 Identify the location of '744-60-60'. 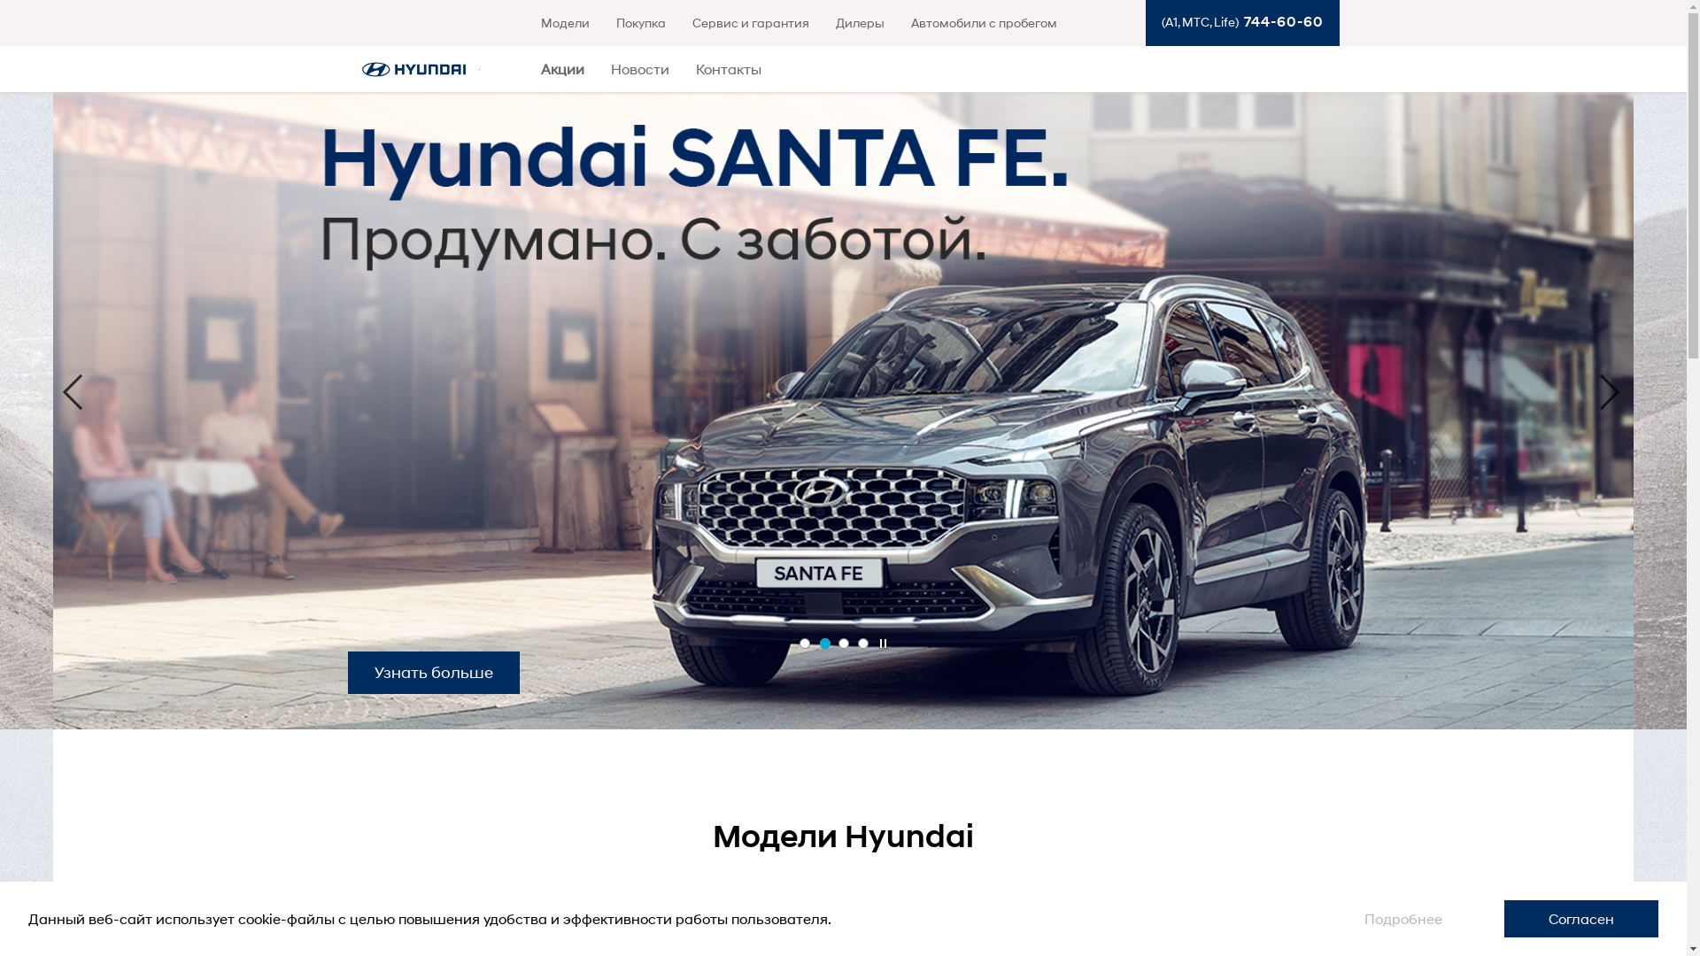
(1279, 21).